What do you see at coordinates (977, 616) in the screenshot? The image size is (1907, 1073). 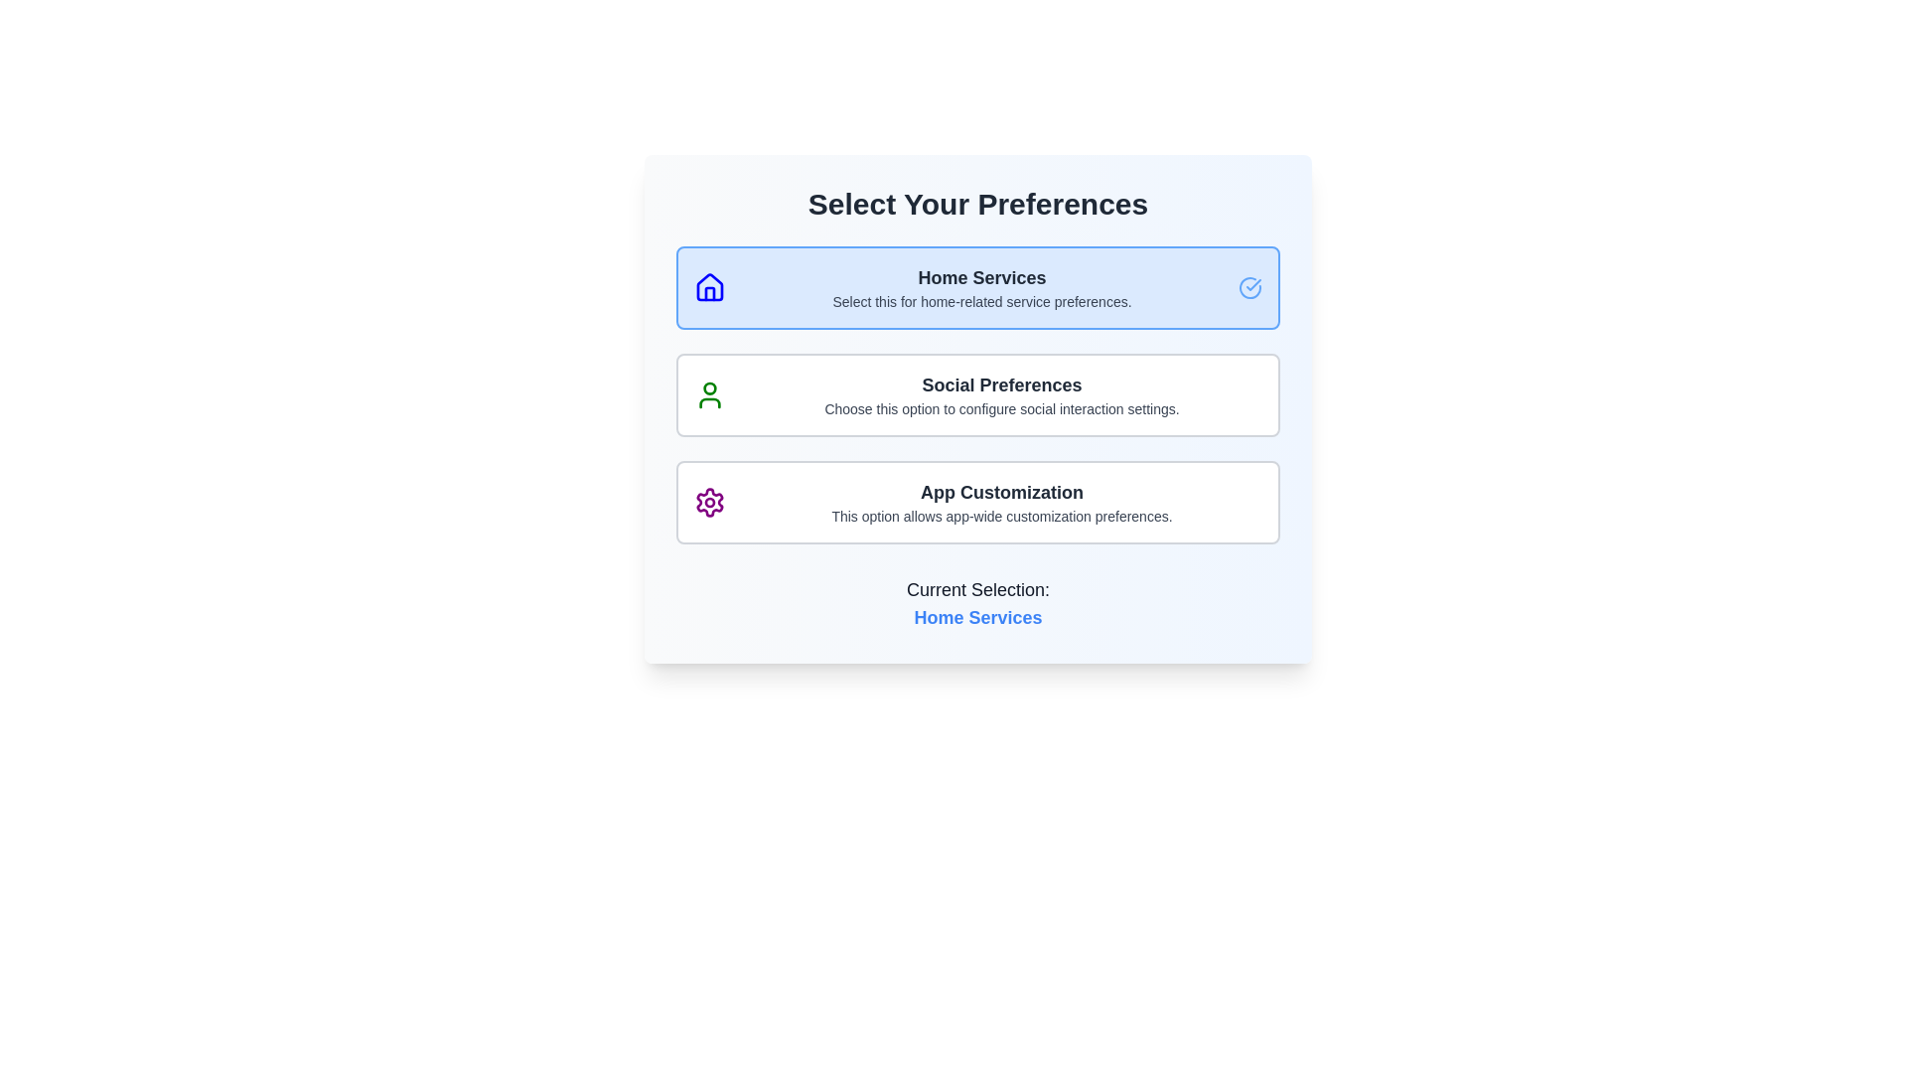 I see `the static text label displaying 'Home Services', which is styled with a blue font color and bold weight, positioned below the 'Current Selection:' text within the selection panel` at bounding box center [977, 616].